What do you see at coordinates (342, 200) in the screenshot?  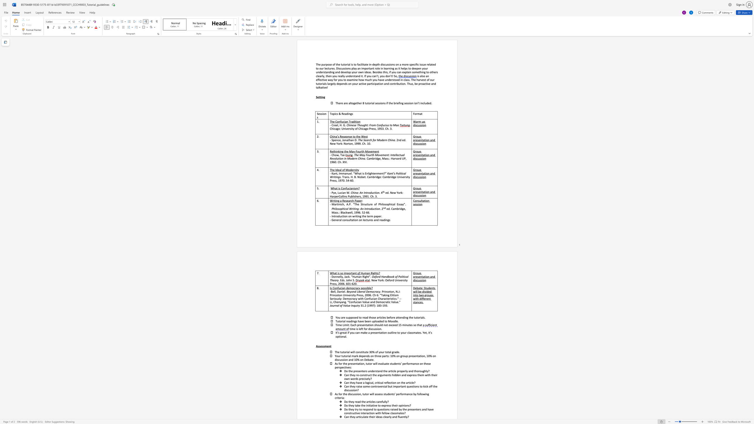 I see `the subset text "Research Paper" within the text "a Research Paper"` at bounding box center [342, 200].